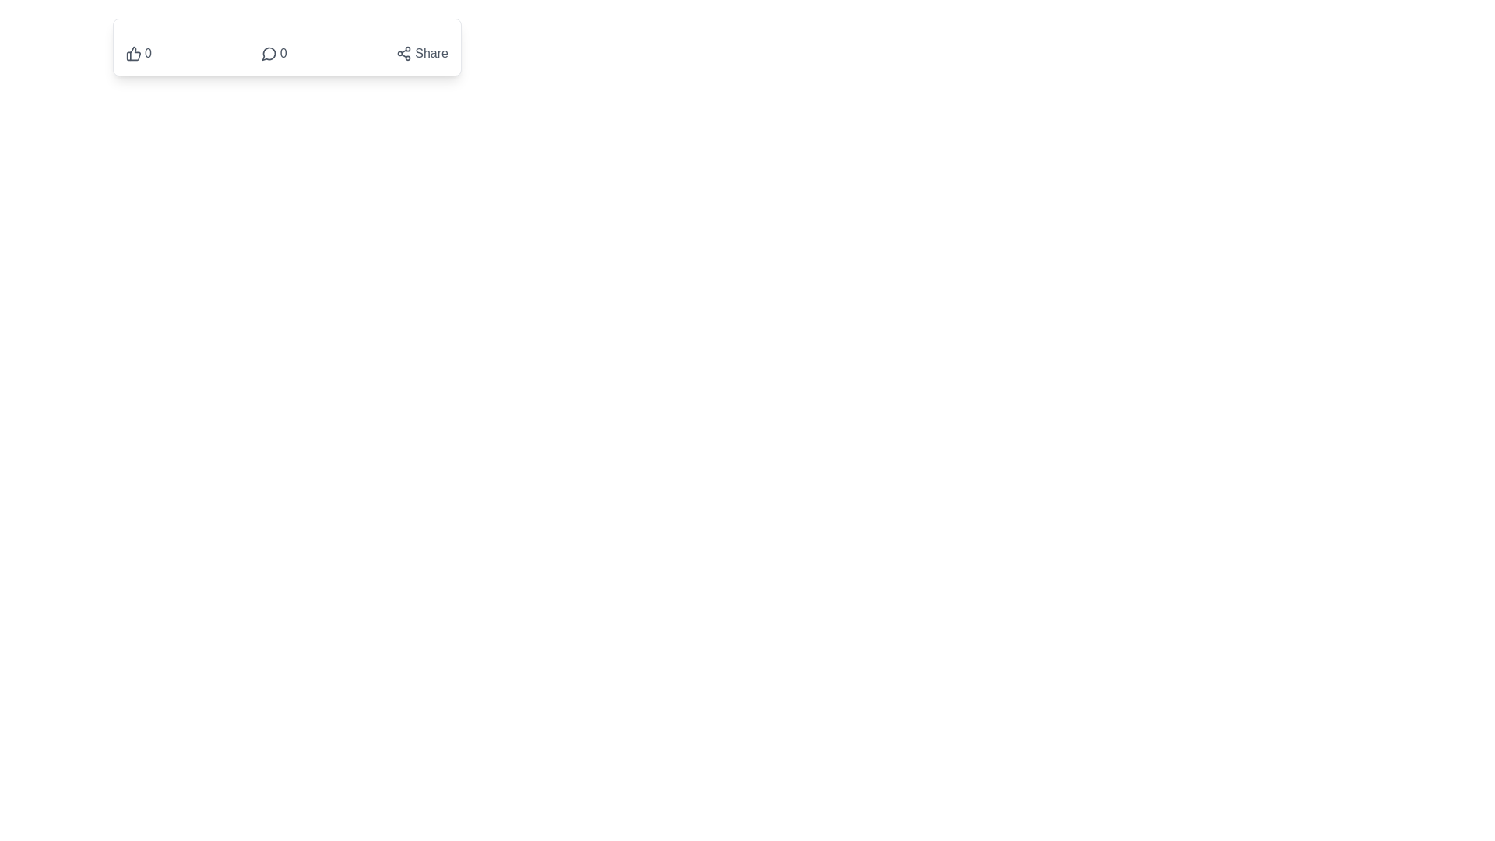 The width and height of the screenshot is (1495, 841). Describe the element at coordinates (404, 53) in the screenshot. I see `the Share icon located to the left of the 'Share' text within the button component` at that location.